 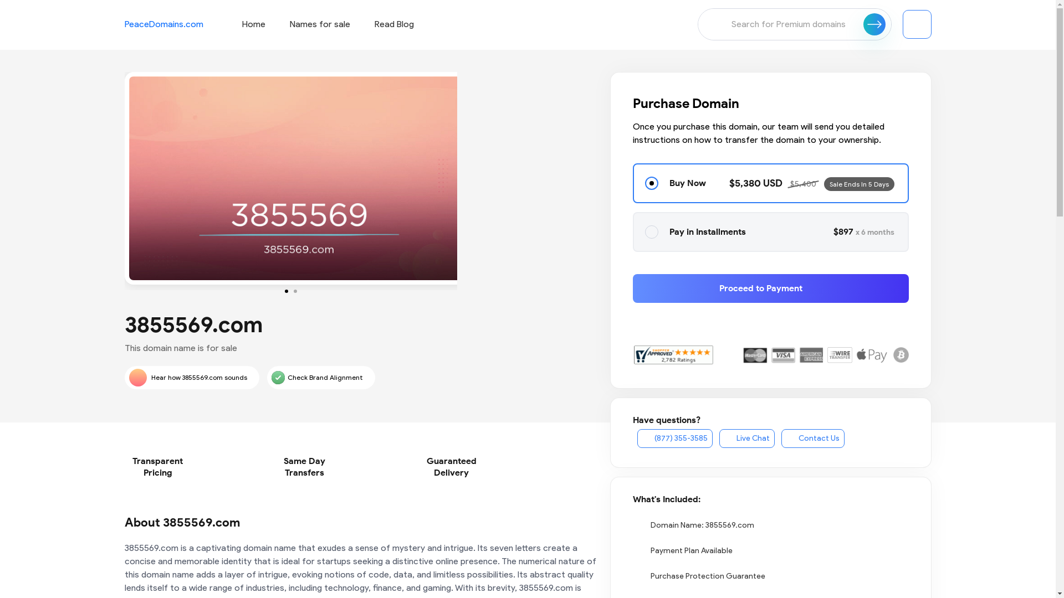 I want to click on 'Home', so click(x=252, y=24).